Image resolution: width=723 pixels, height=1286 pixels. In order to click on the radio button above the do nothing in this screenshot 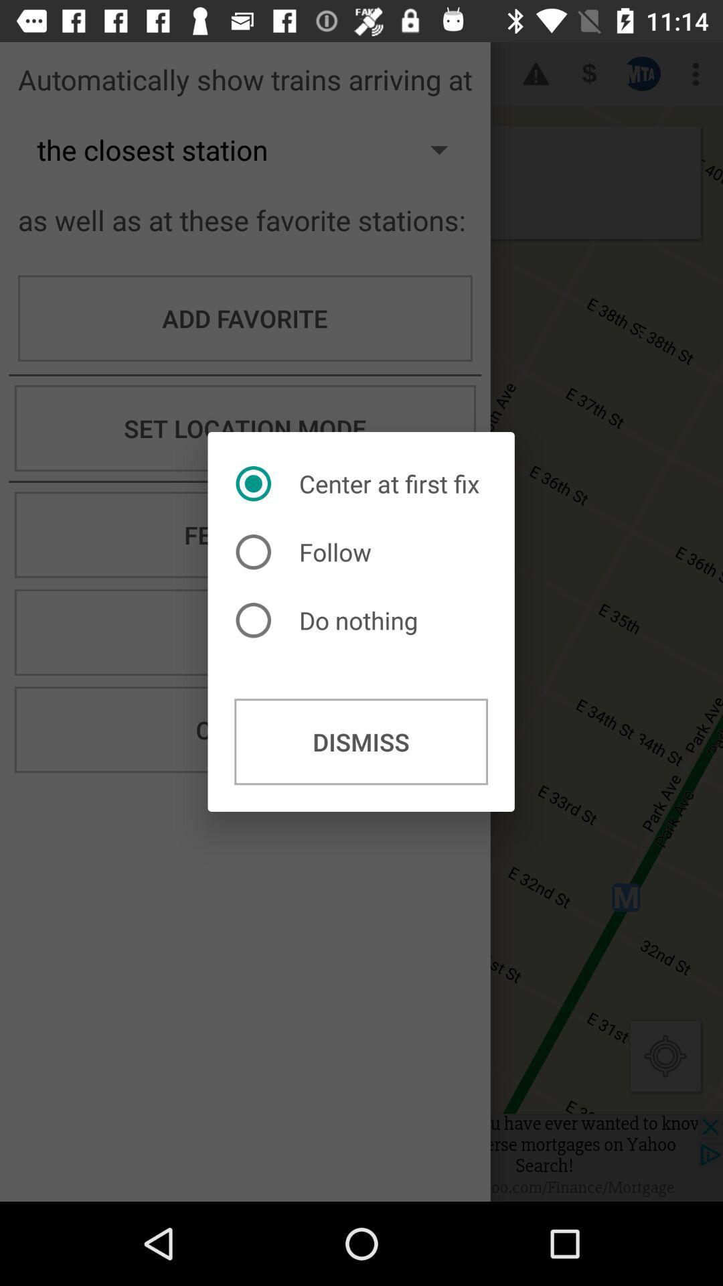, I will do `click(307, 552)`.